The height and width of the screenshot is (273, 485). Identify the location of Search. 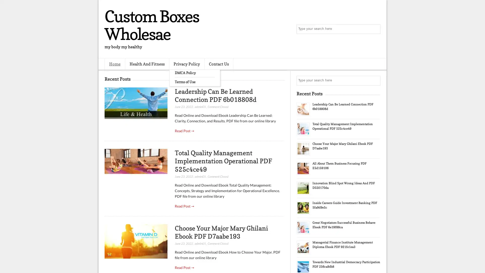
(375, 29).